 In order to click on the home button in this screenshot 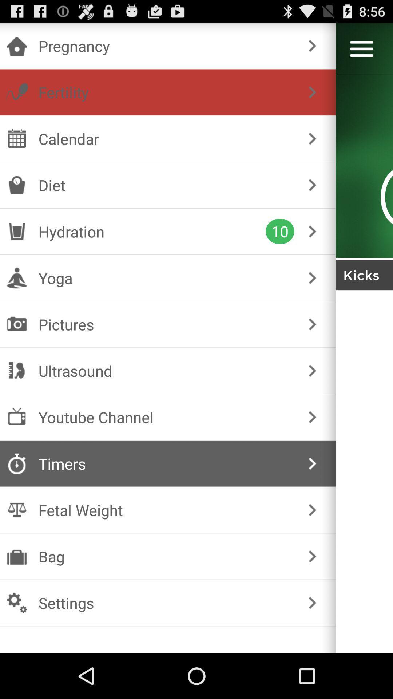, I will do `click(16, 45)`.